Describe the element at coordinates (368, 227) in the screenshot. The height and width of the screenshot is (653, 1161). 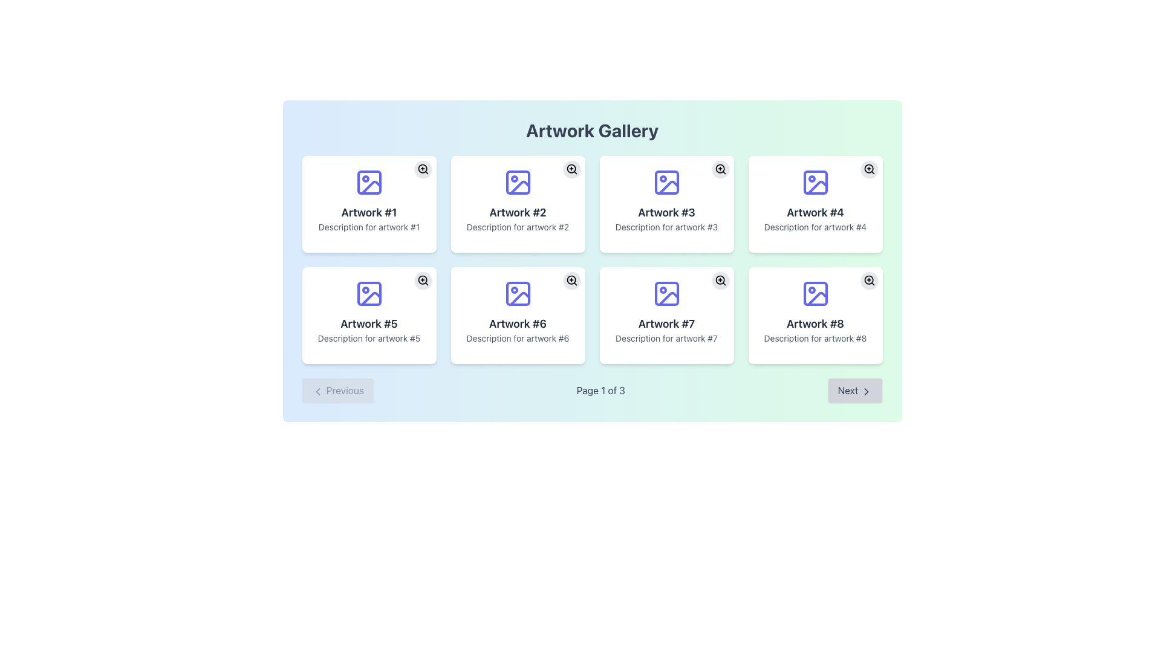
I see `static text field displaying 'Description for artwork #1' located in the card labeled 'Artwork #1'` at that location.